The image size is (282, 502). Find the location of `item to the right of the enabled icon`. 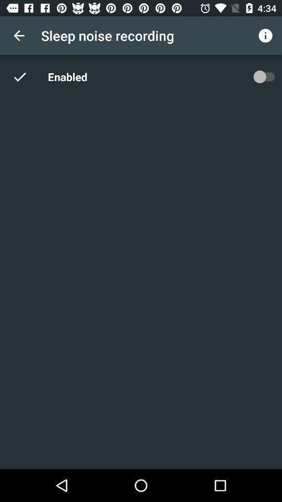

item to the right of the enabled icon is located at coordinates (263, 76).